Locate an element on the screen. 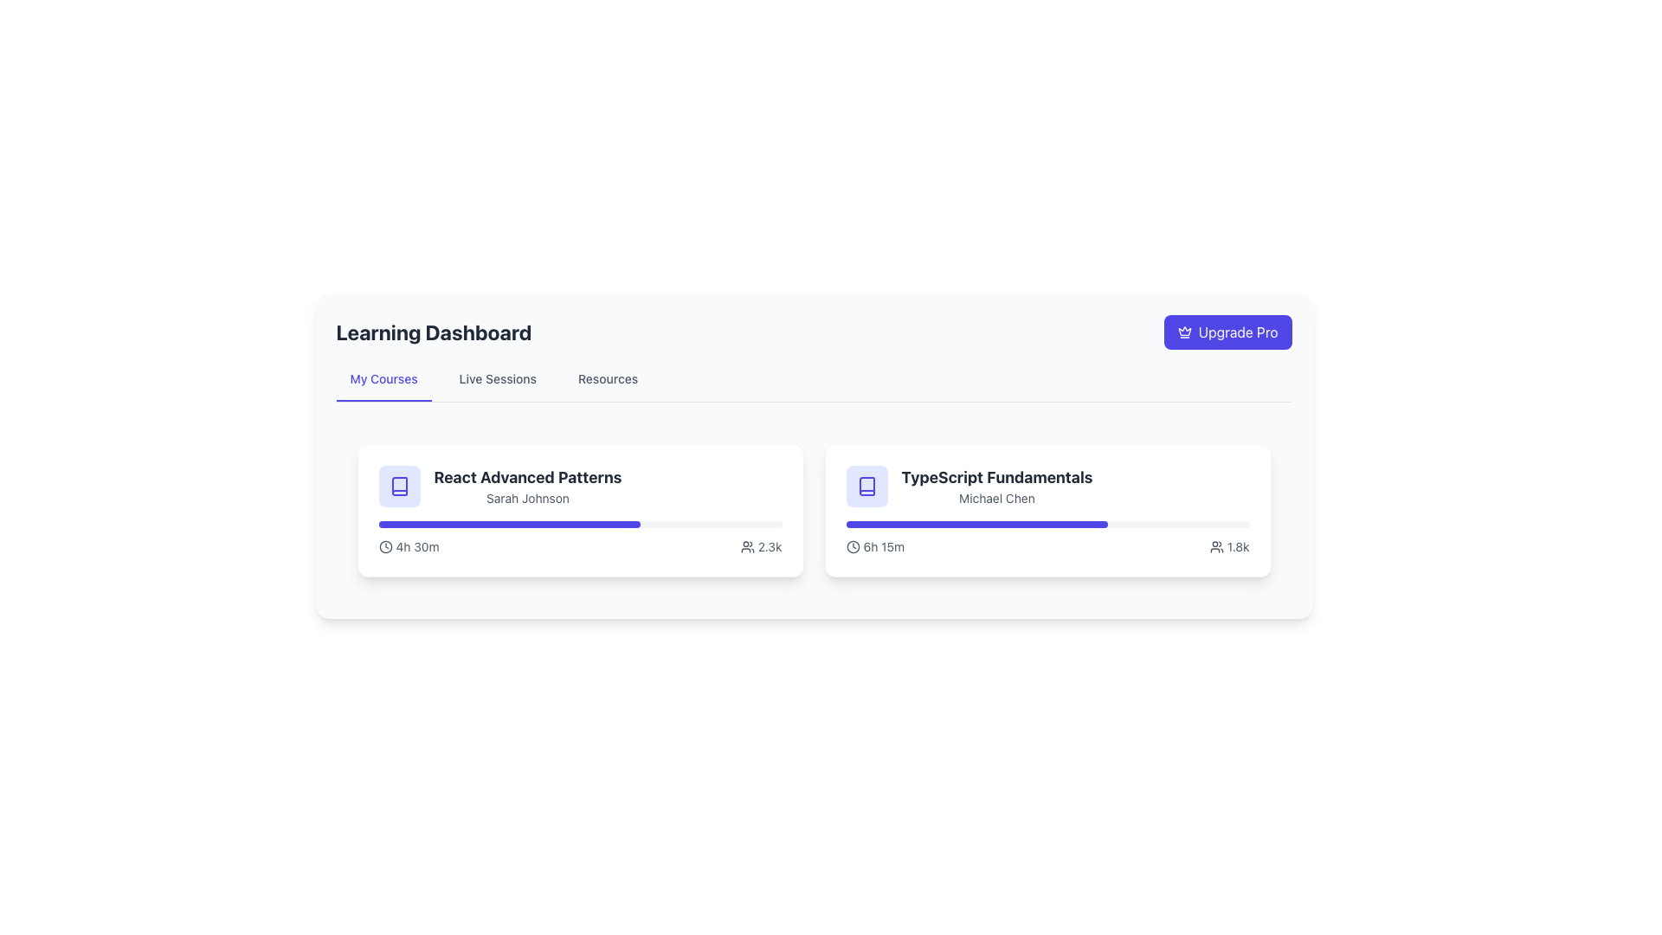 The width and height of the screenshot is (1662, 935). the square-shaped icon with a light indigo background and a book-like outline, located on the left side of the course titled 'React Advanced Patterns' by Sarah Johnson is located at coordinates (398, 487).